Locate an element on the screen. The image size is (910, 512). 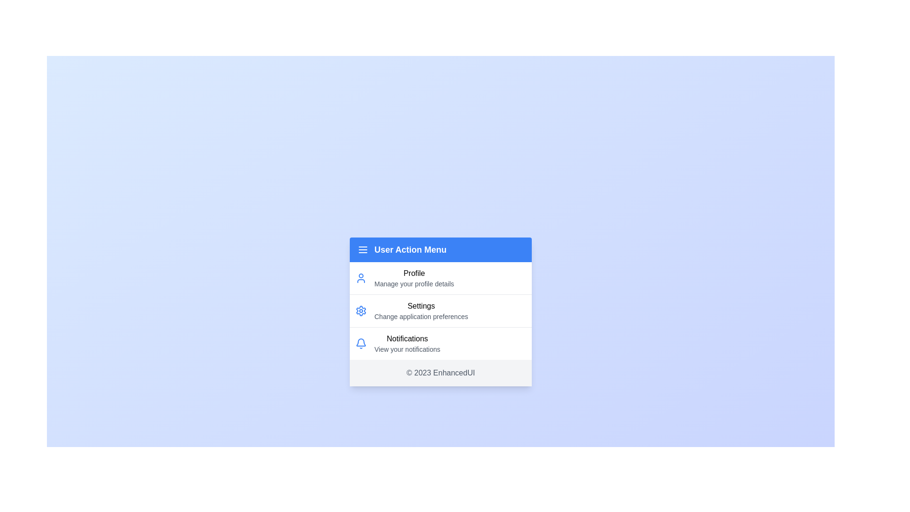
the menu item Profile is located at coordinates (440, 277).